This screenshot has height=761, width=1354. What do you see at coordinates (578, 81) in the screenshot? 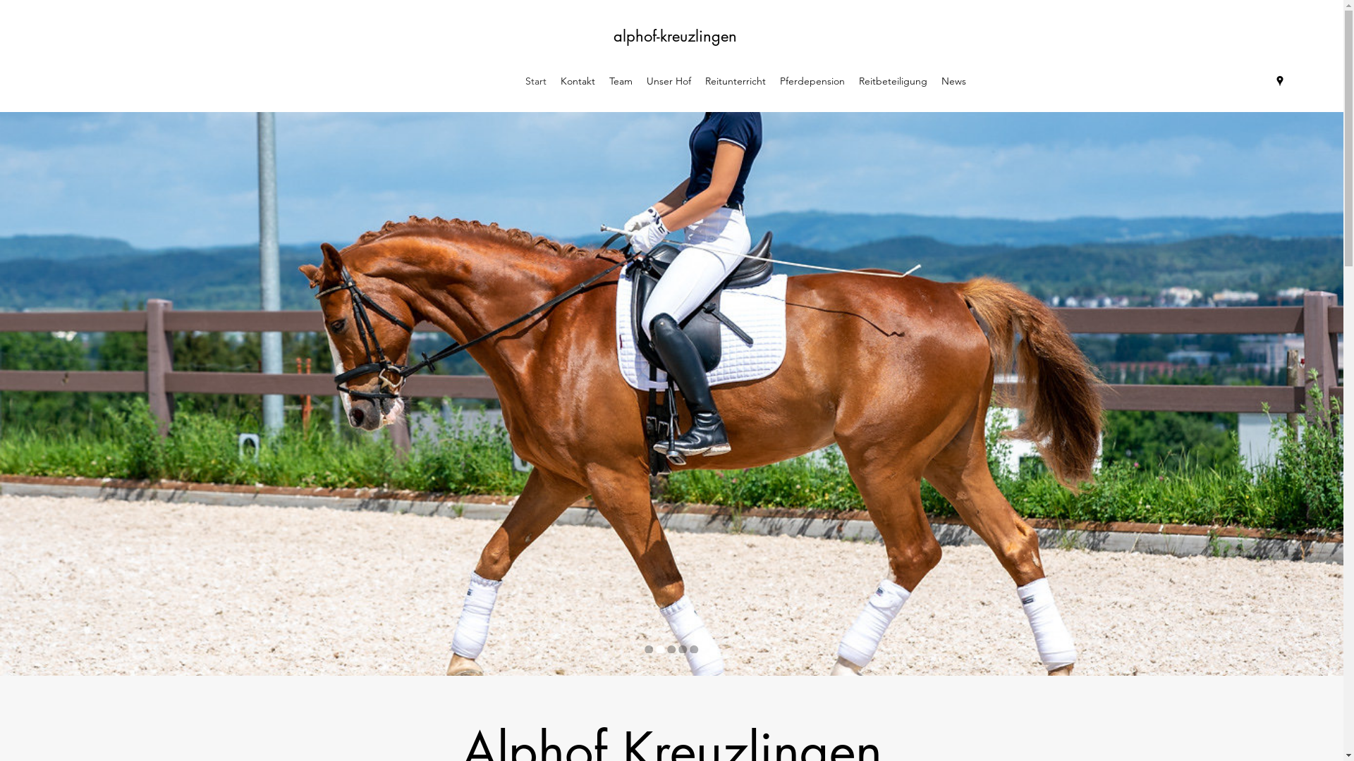
I see `'Kontakt'` at bounding box center [578, 81].